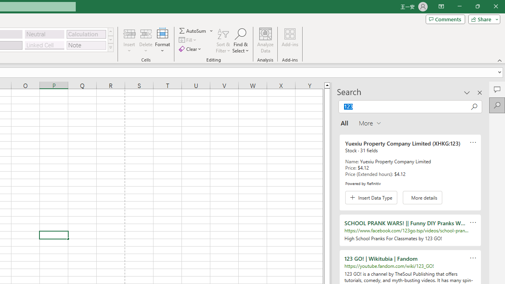 This screenshot has height=284, width=505. I want to click on 'Linked Cell', so click(44, 45).